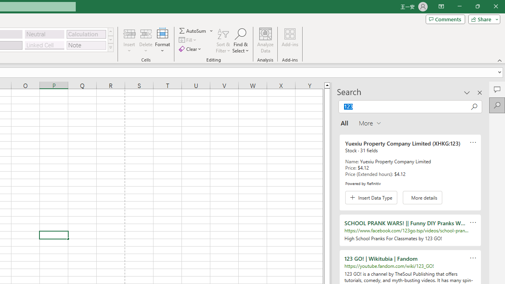 This screenshot has height=284, width=505. I want to click on 'Linked Cell', so click(44, 45).